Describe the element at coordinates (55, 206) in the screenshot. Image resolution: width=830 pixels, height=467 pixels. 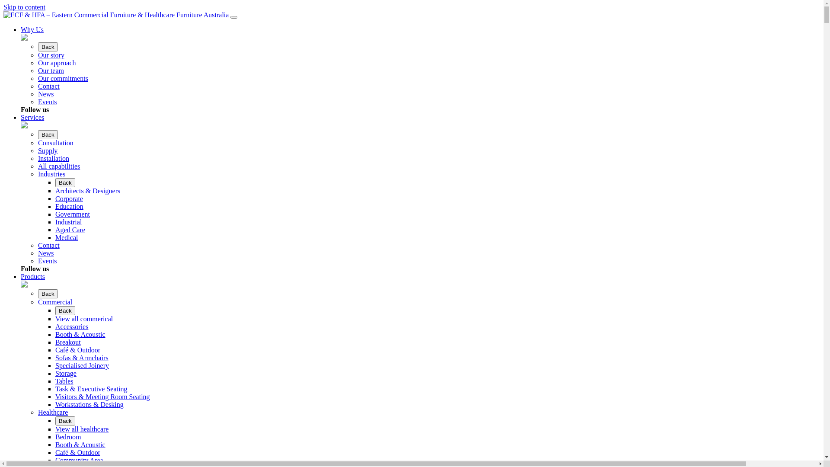
I see `'Education'` at that location.